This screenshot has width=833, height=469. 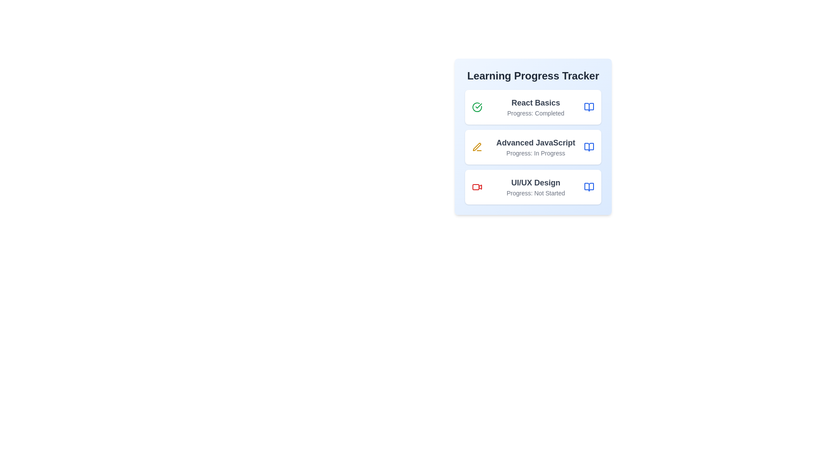 I want to click on the course item corresponding to UI/UX Design, so click(x=532, y=187).